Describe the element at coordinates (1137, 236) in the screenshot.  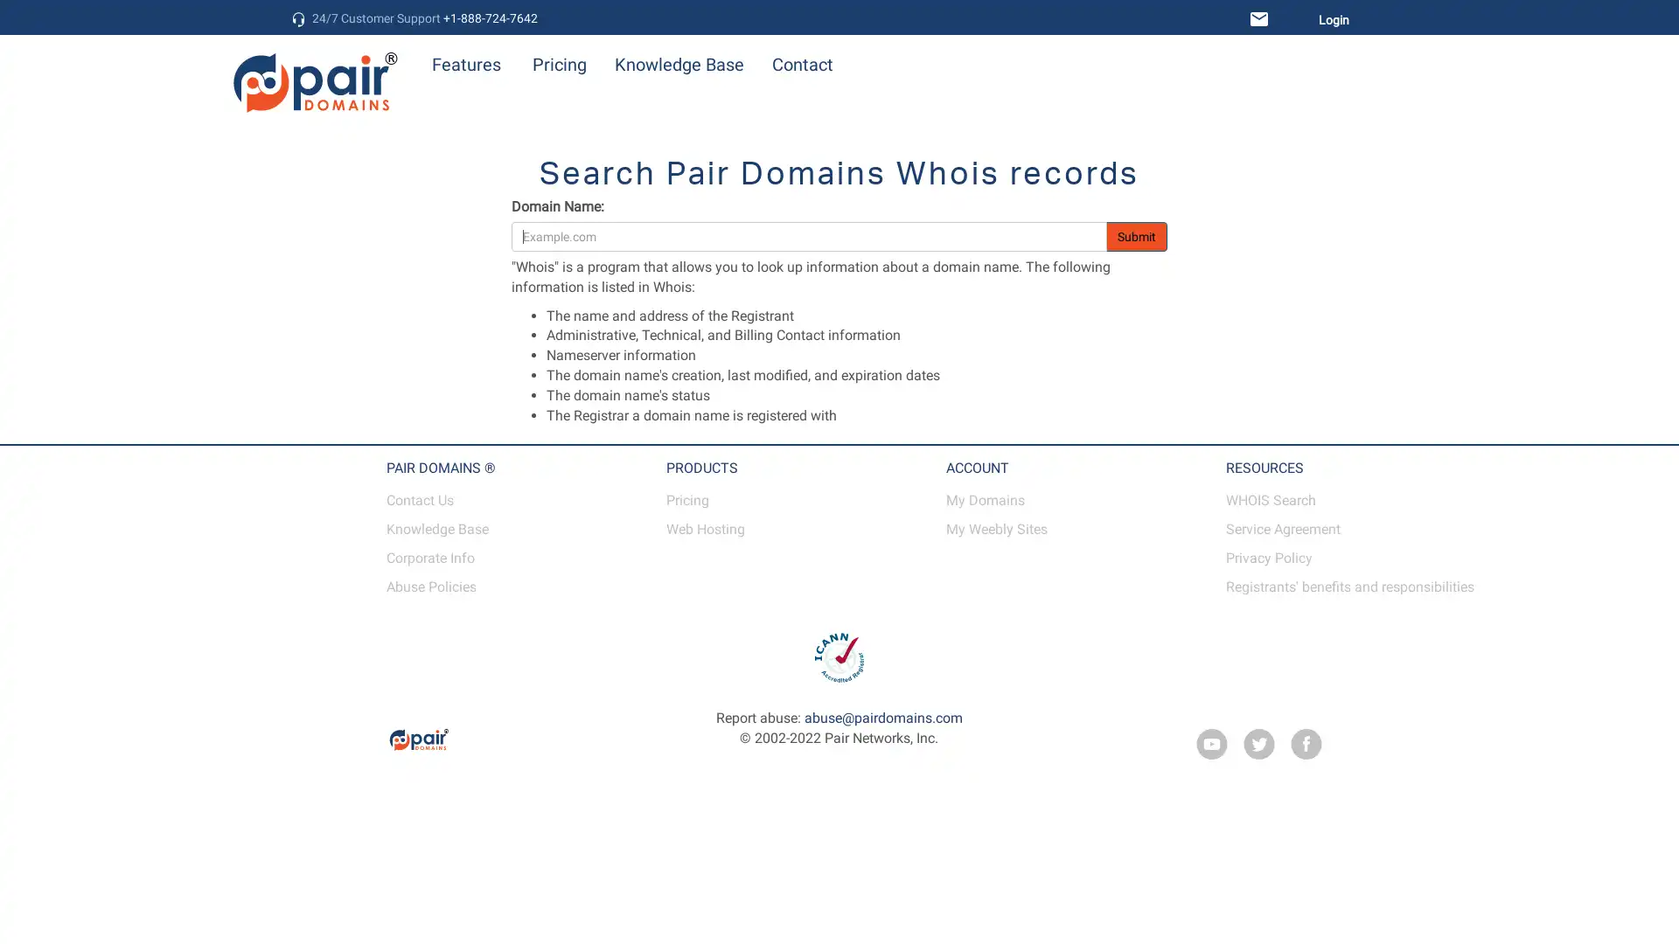
I see `Submit` at that location.